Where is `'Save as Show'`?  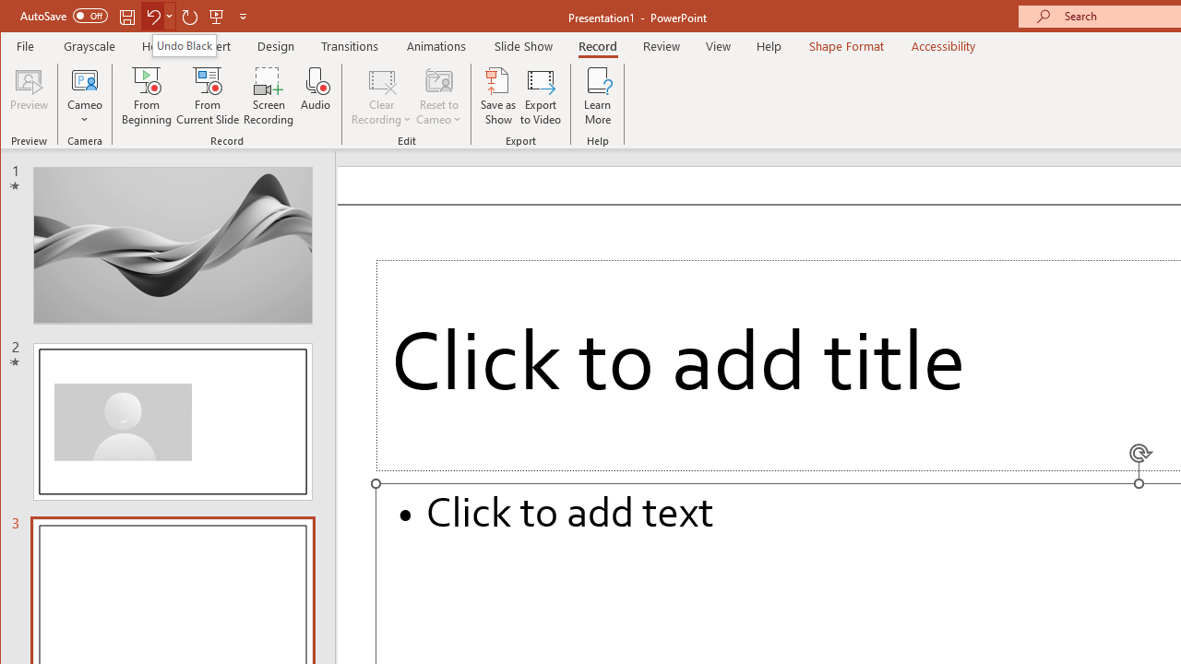
'Save as Show' is located at coordinates (498, 96).